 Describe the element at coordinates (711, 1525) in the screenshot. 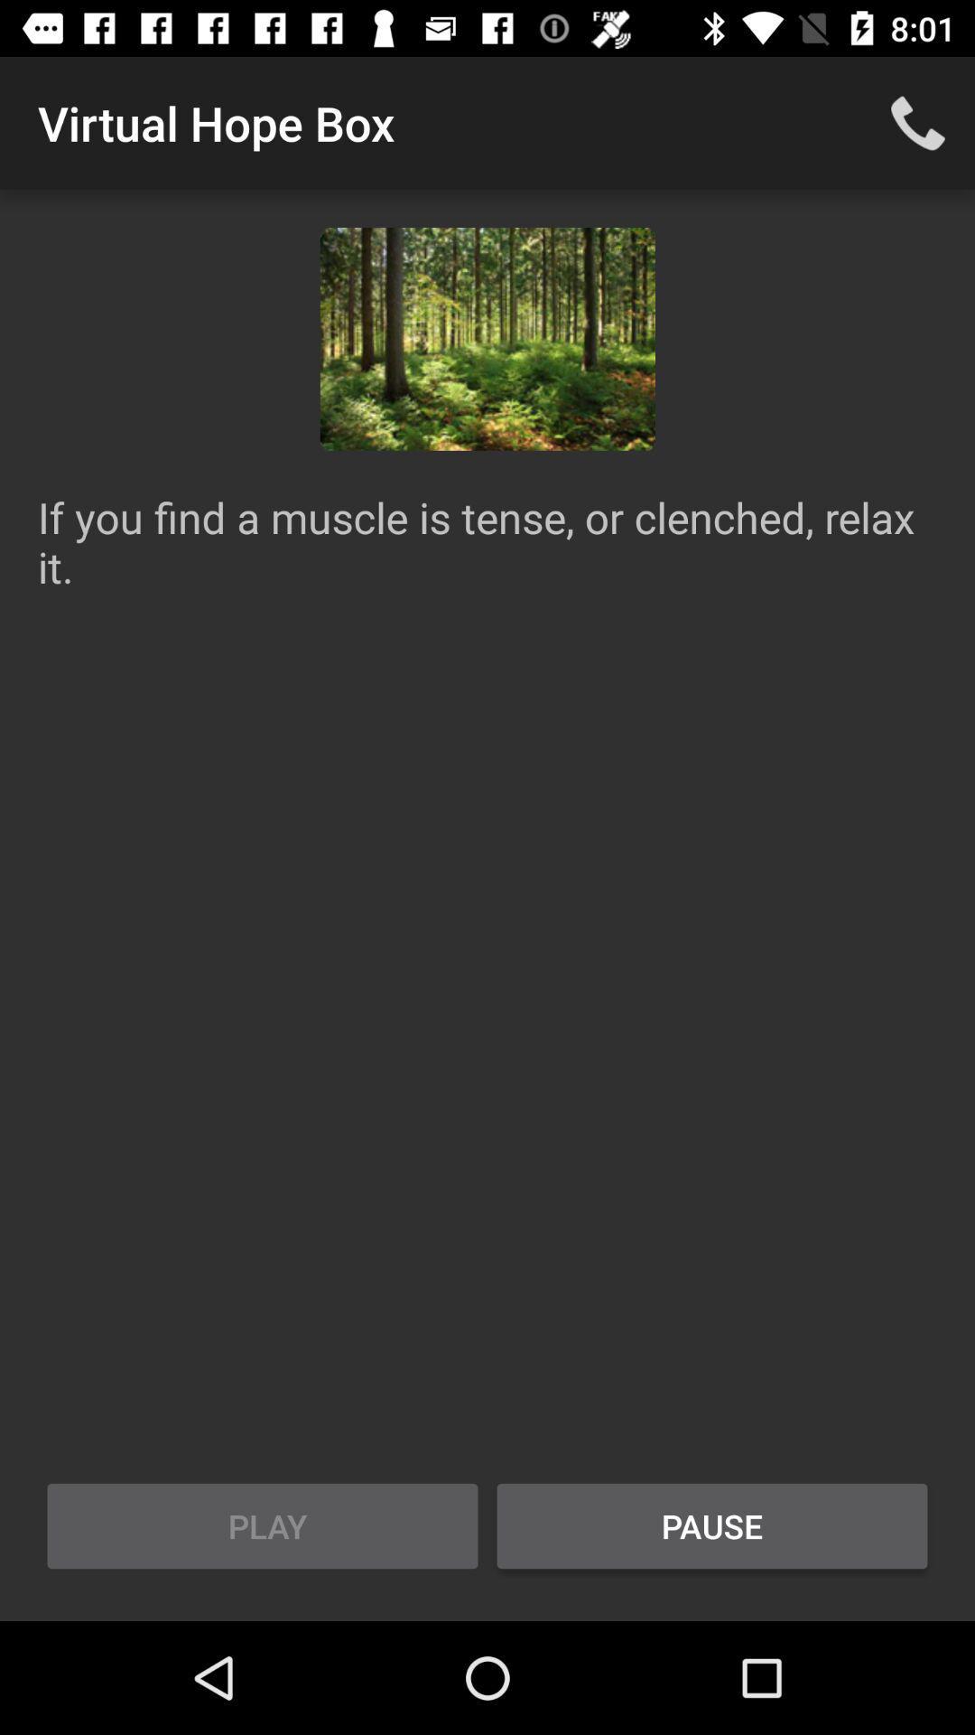

I see `the icon at the bottom right corner` at that location.